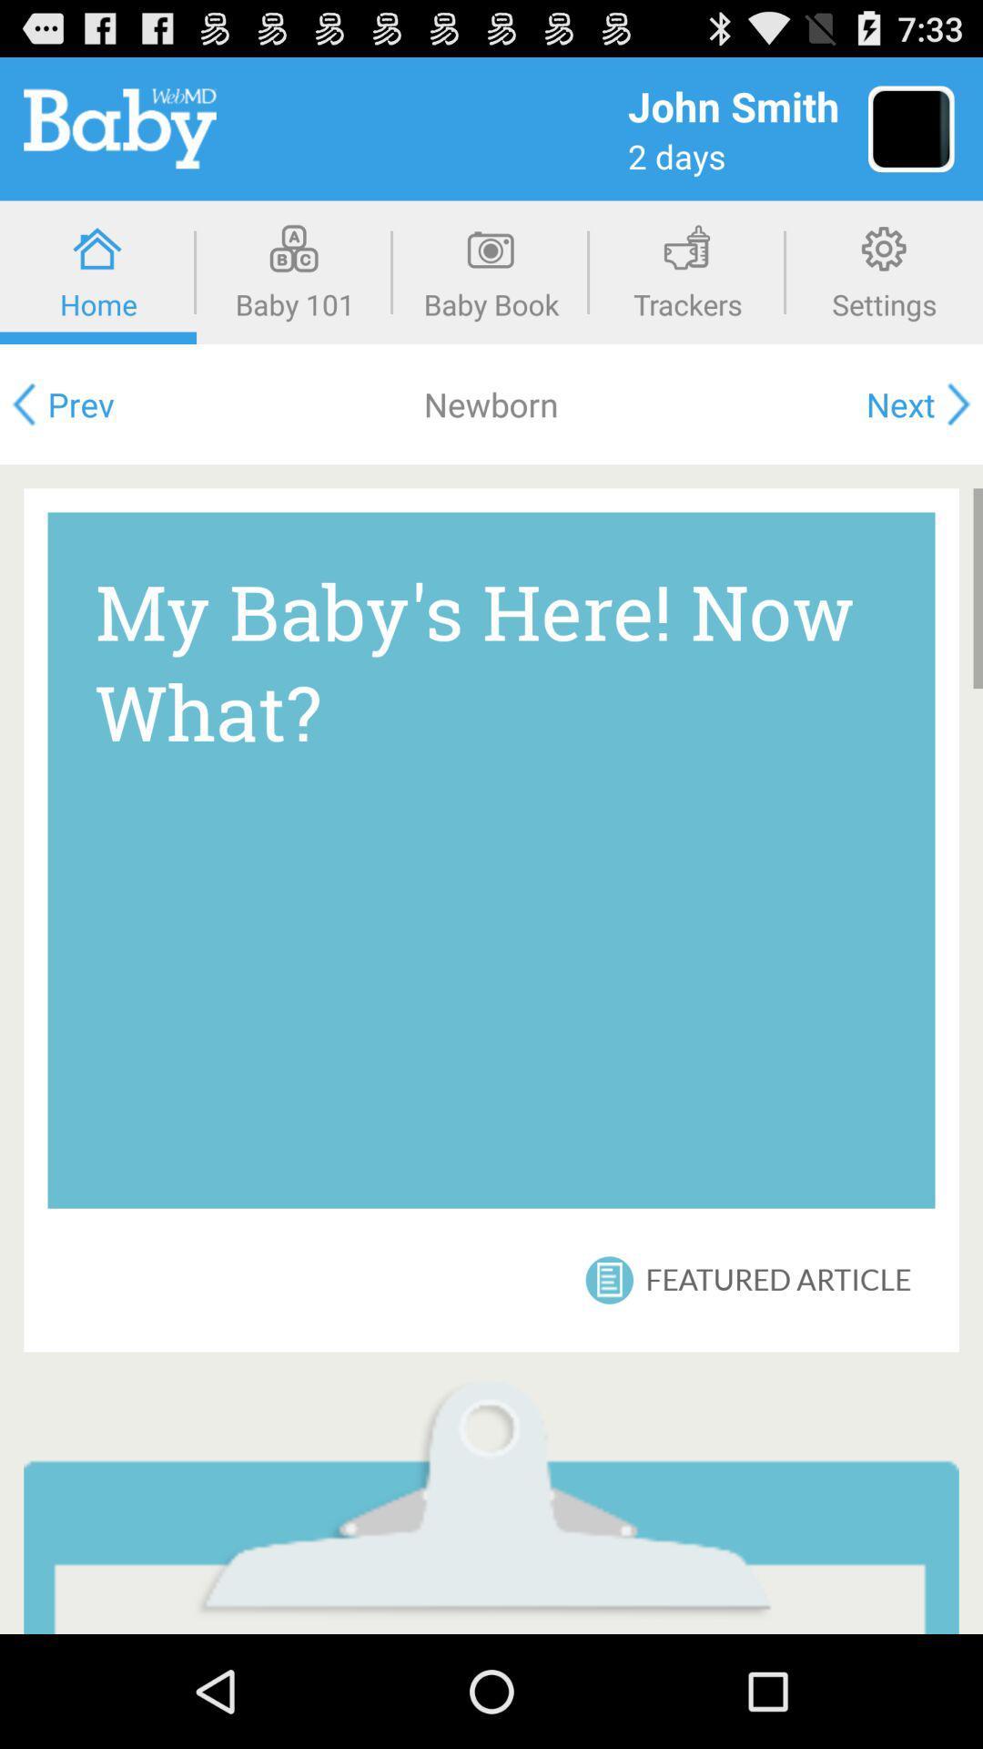  I want to click on item at the bottom right corner, so click(778, 1279).